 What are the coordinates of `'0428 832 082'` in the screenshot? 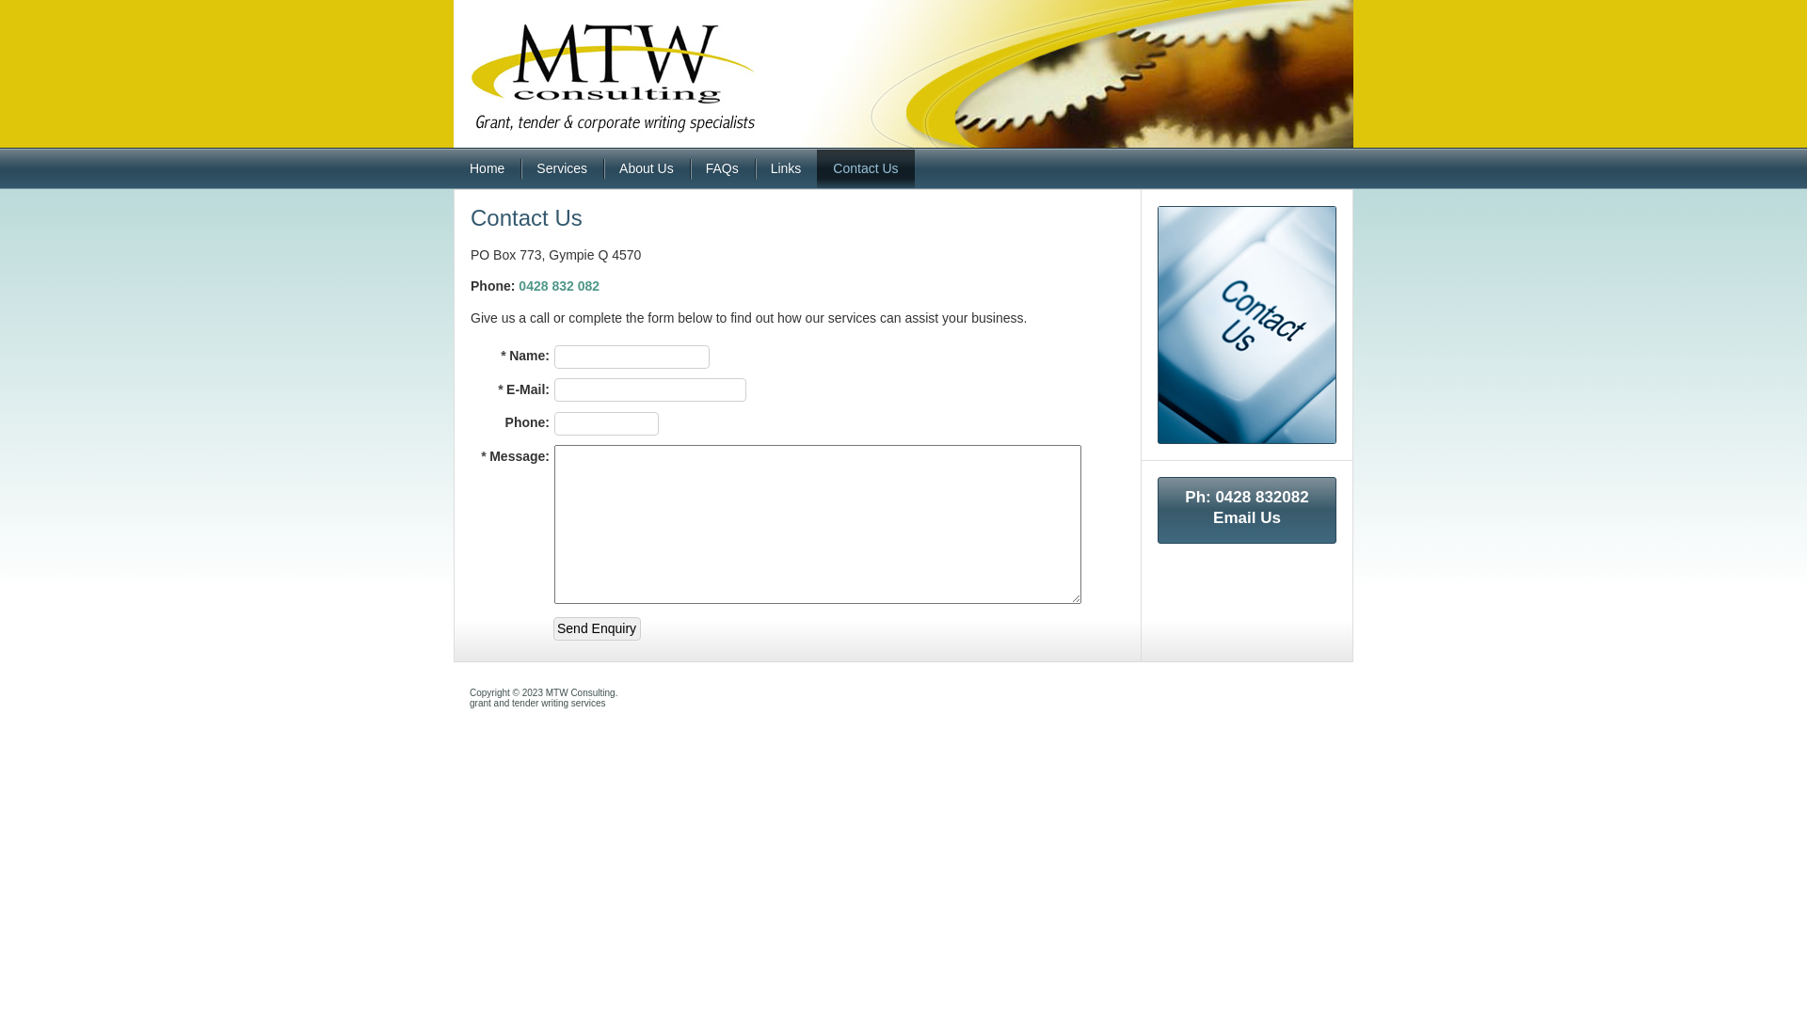 It's located at (558, 286).